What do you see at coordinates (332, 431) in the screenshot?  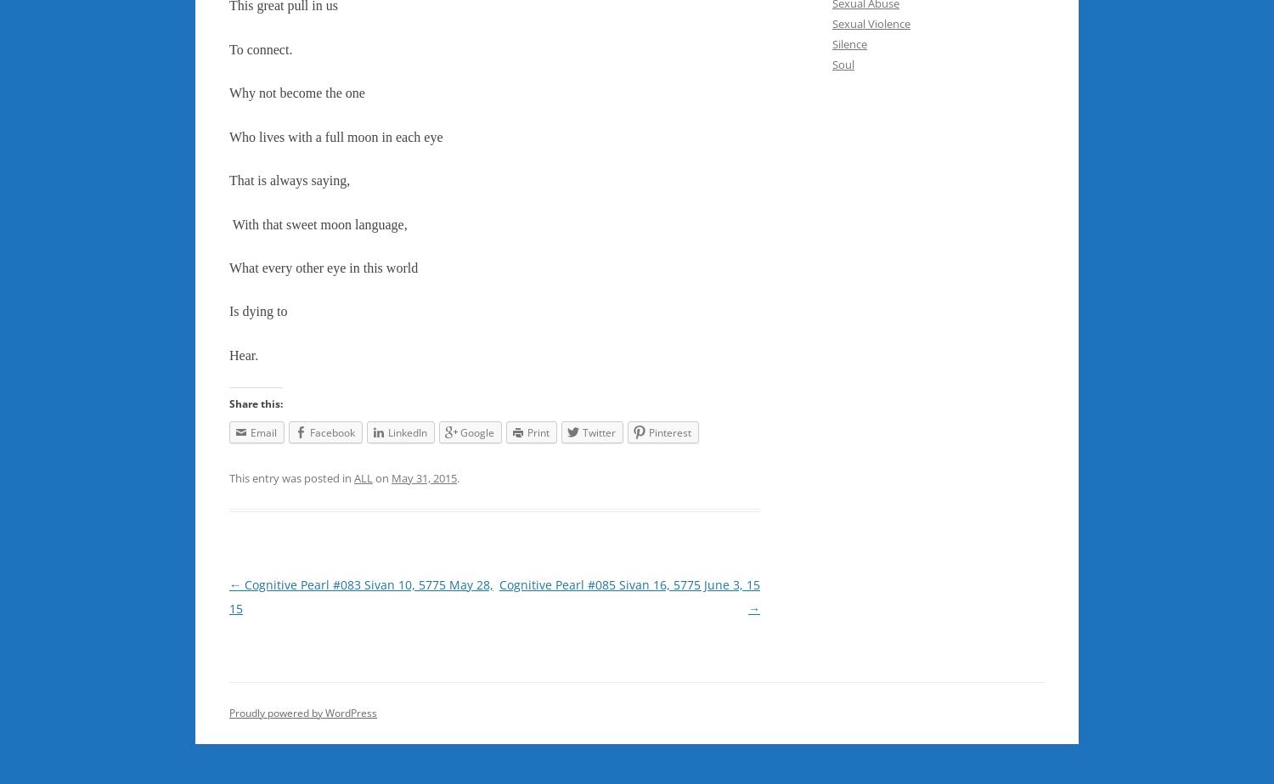 I see `'Facebook'` at bounding box center [332, 431].